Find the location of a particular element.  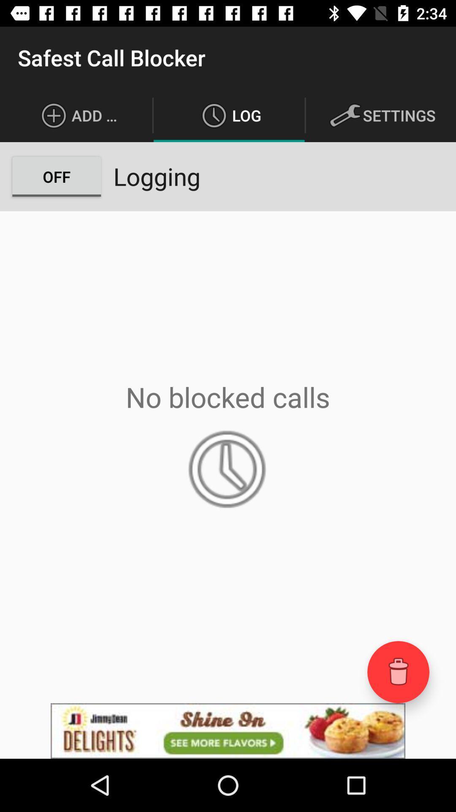

delete selection is located at coordinates (398, 672).